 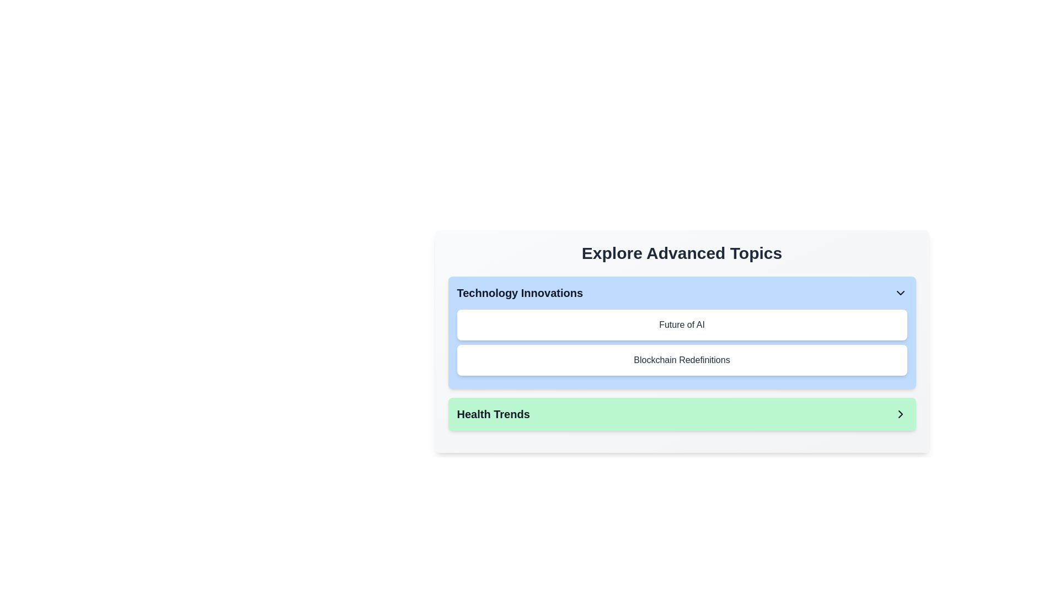 I want to click on the interactive navigation button related to 'Blockchain Redefinitions' located in the 'Technology Innovations' section beneath 'Future of AI', so click(x=681, y=360).